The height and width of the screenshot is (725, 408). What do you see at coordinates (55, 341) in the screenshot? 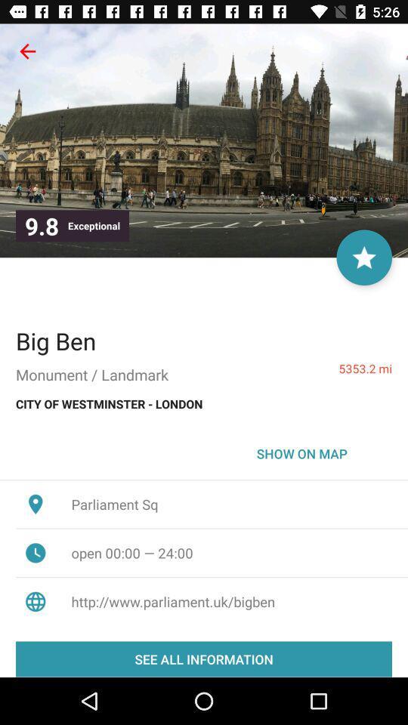
I see `the item to the left of the 5353.2 mi icon` at bounding box center [55, 341].